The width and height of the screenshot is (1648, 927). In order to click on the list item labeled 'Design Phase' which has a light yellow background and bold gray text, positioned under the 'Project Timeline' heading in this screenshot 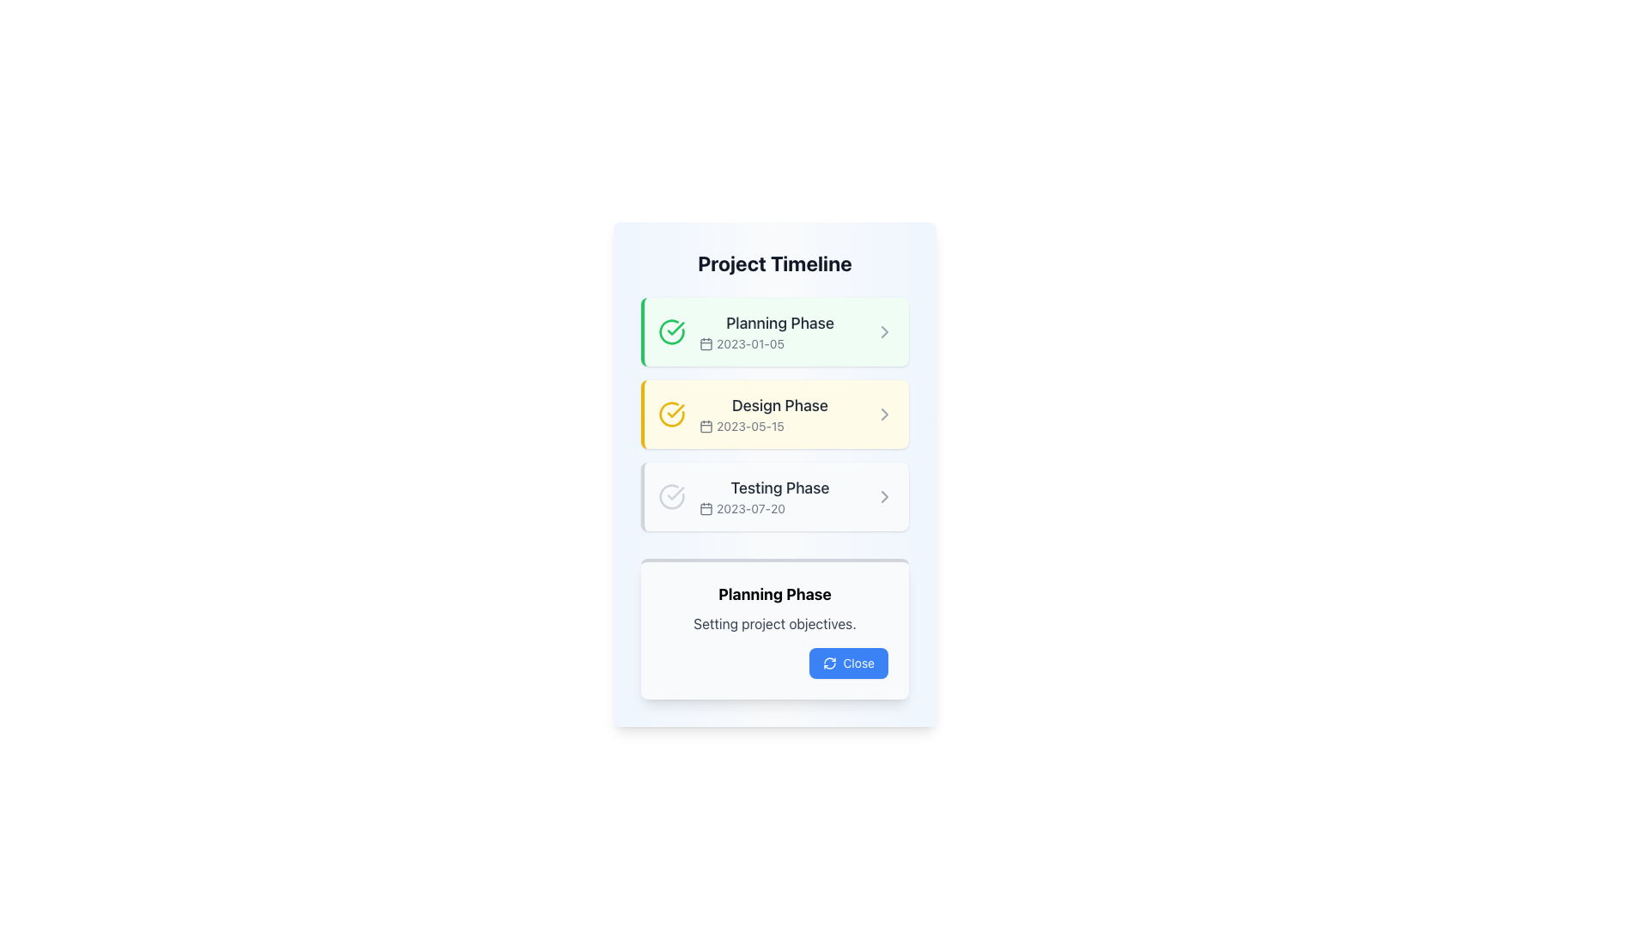, I will do `click(773, 414)`.